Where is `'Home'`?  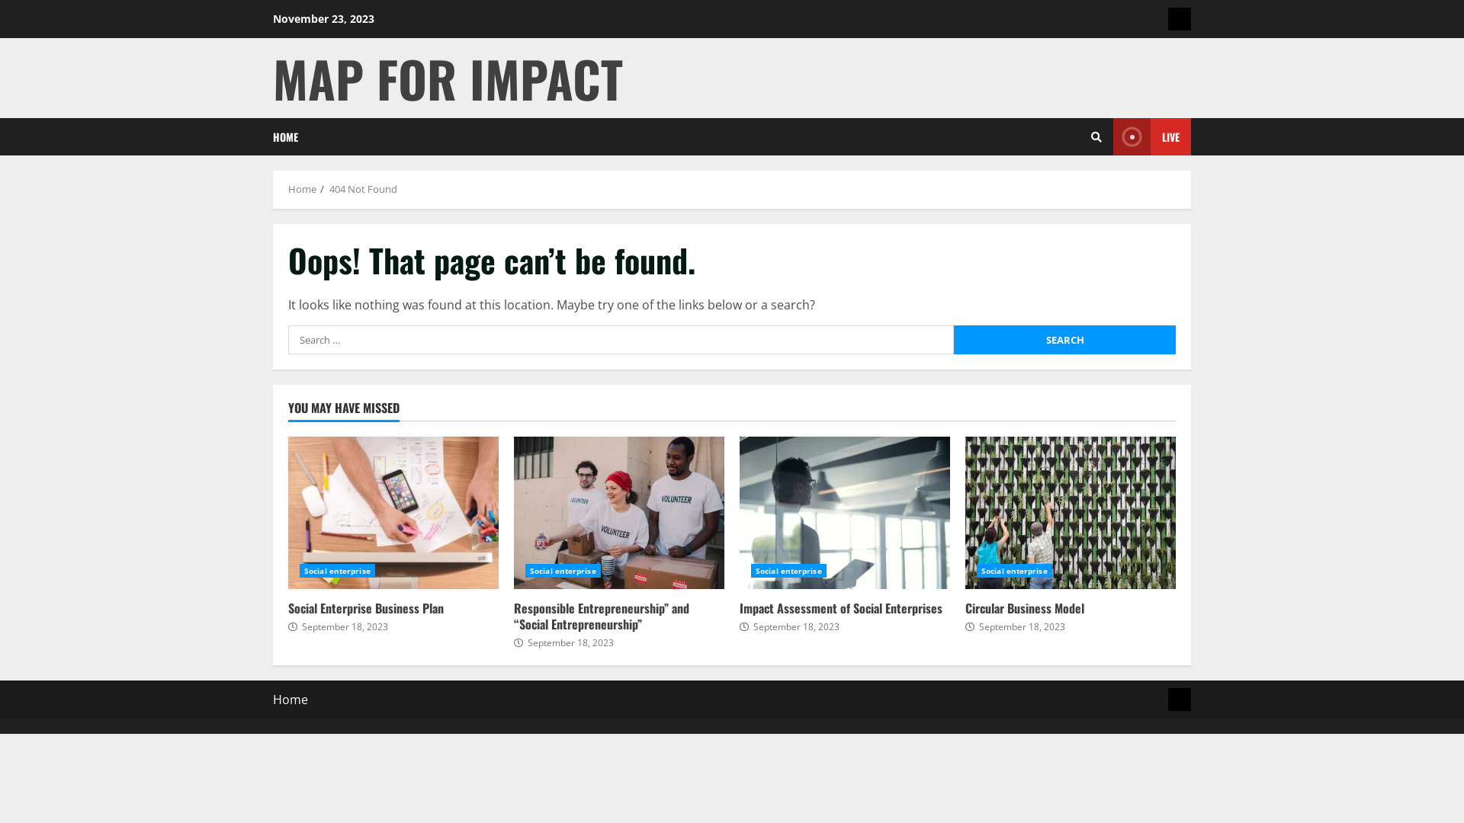
'Home' is located at coordinates (273, 700).